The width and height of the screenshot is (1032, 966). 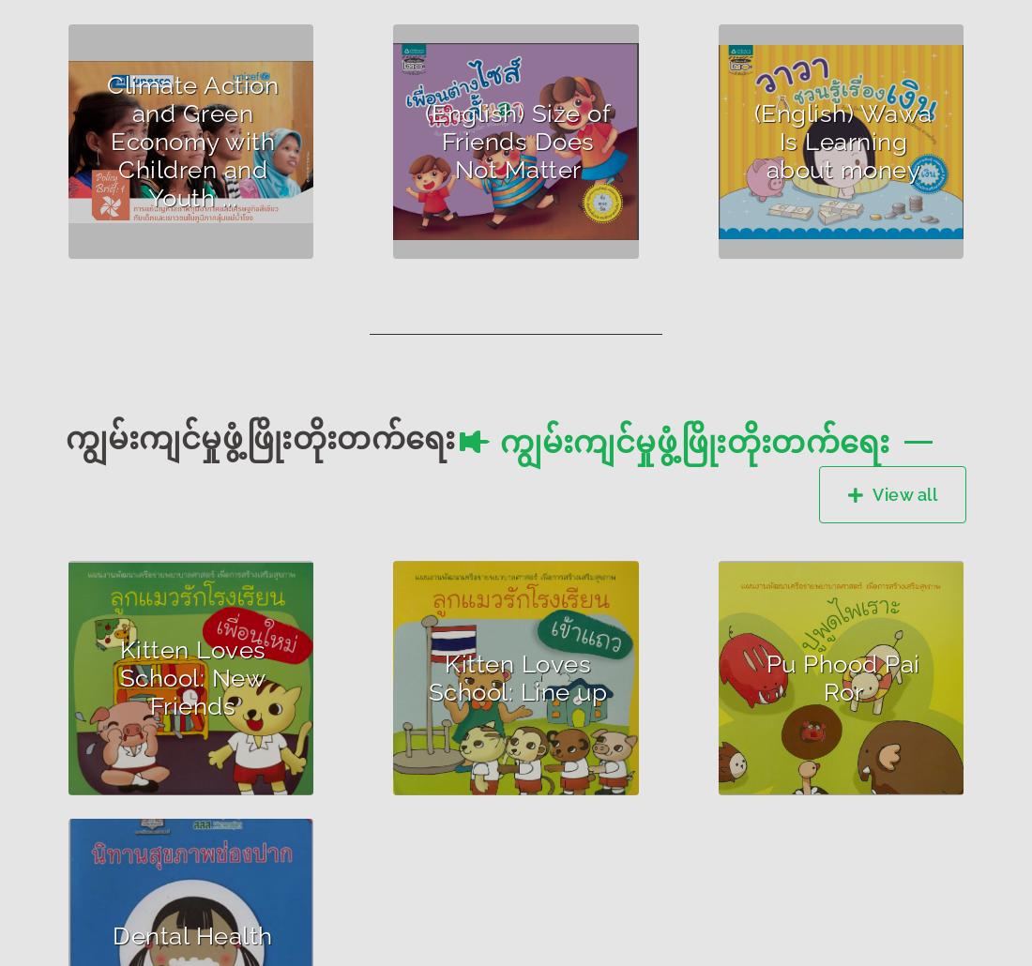 What do you see at coordinates (873, 493) in the screenshot?
I see `'View all'` at bounding box center [873, 493].